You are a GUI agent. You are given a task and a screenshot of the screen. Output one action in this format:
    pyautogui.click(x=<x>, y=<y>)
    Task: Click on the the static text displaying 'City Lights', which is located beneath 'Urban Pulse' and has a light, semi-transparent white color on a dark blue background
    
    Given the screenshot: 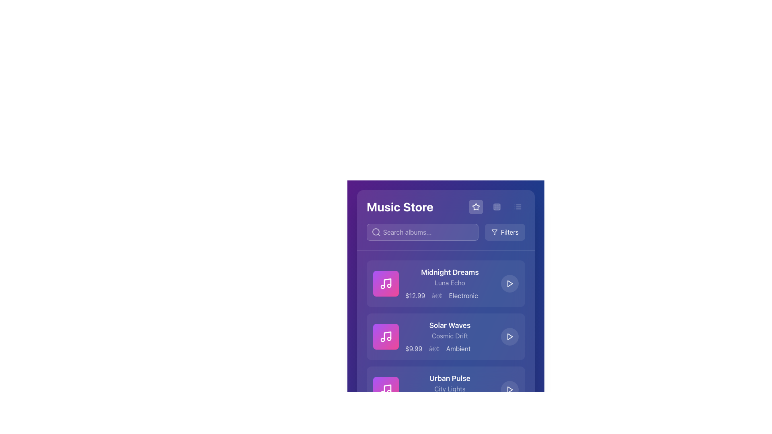 What is the action you would take?
    pyautogui.click(x=449, y=389)
    